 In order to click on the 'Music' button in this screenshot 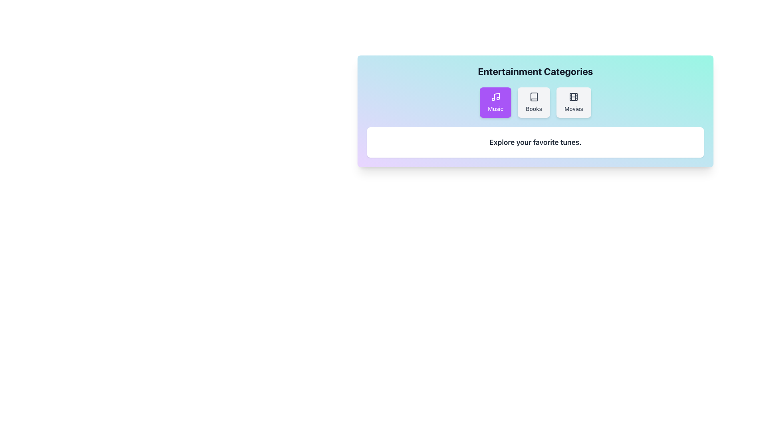, I will do `click(495, 102)`.